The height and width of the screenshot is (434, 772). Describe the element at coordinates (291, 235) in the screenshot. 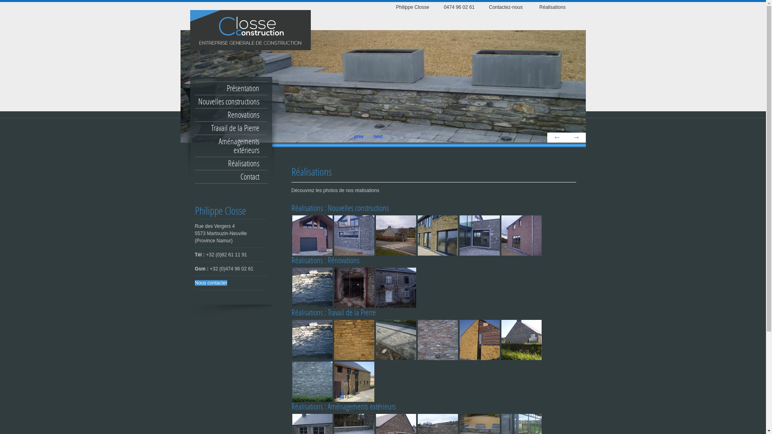

I see `'OLYMPUS DIGITAL CAMERA         '` at that location.